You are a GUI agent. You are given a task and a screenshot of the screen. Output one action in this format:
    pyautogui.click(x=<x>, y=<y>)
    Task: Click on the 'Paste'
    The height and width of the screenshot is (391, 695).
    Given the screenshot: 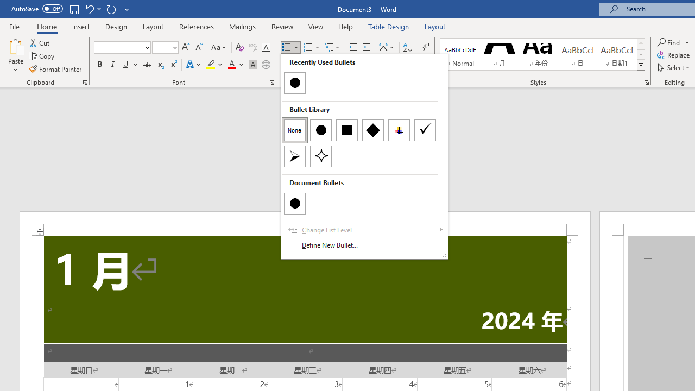 What is the action you would take?
    pyautogui.click(x=15, y=46)
    